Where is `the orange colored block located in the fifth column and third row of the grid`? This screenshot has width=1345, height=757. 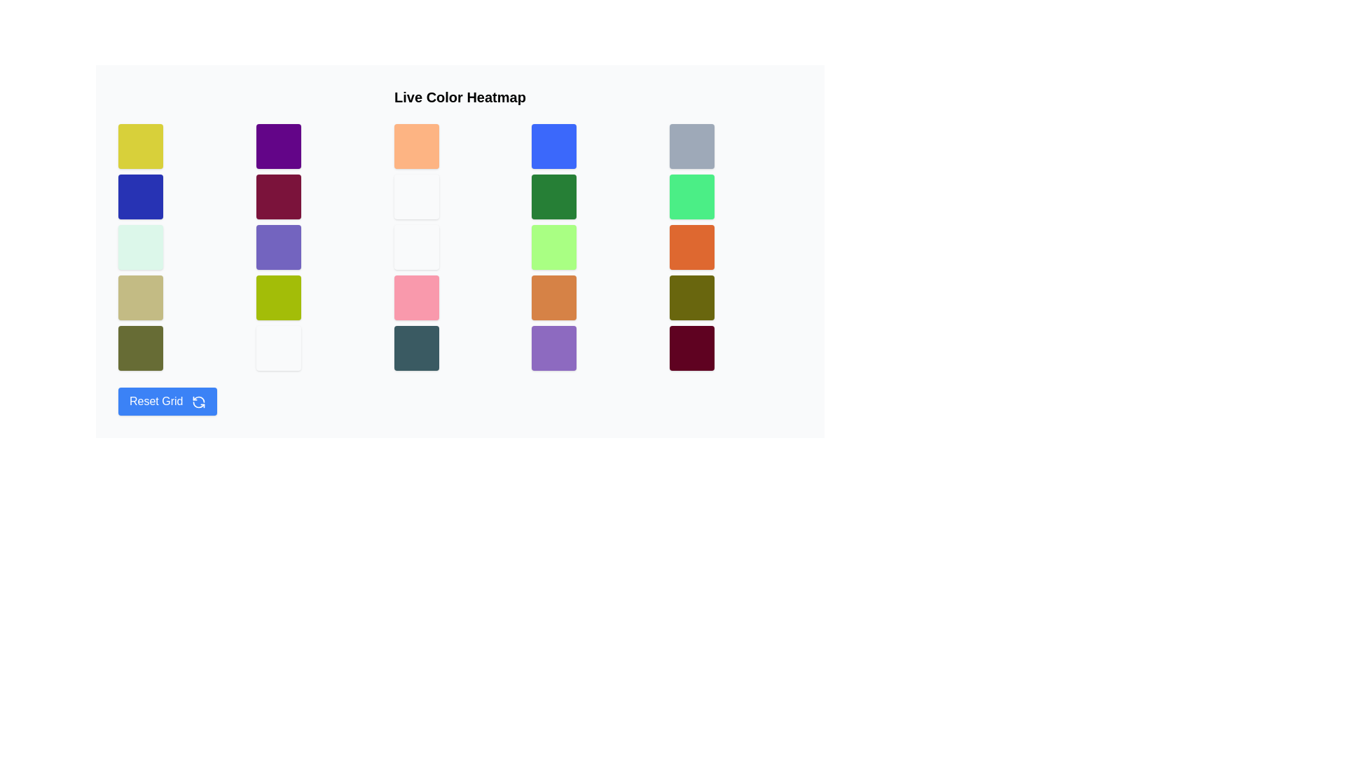 the orange colored block located in the fifth column and third row of the grid is located at coordinates (692, 247).